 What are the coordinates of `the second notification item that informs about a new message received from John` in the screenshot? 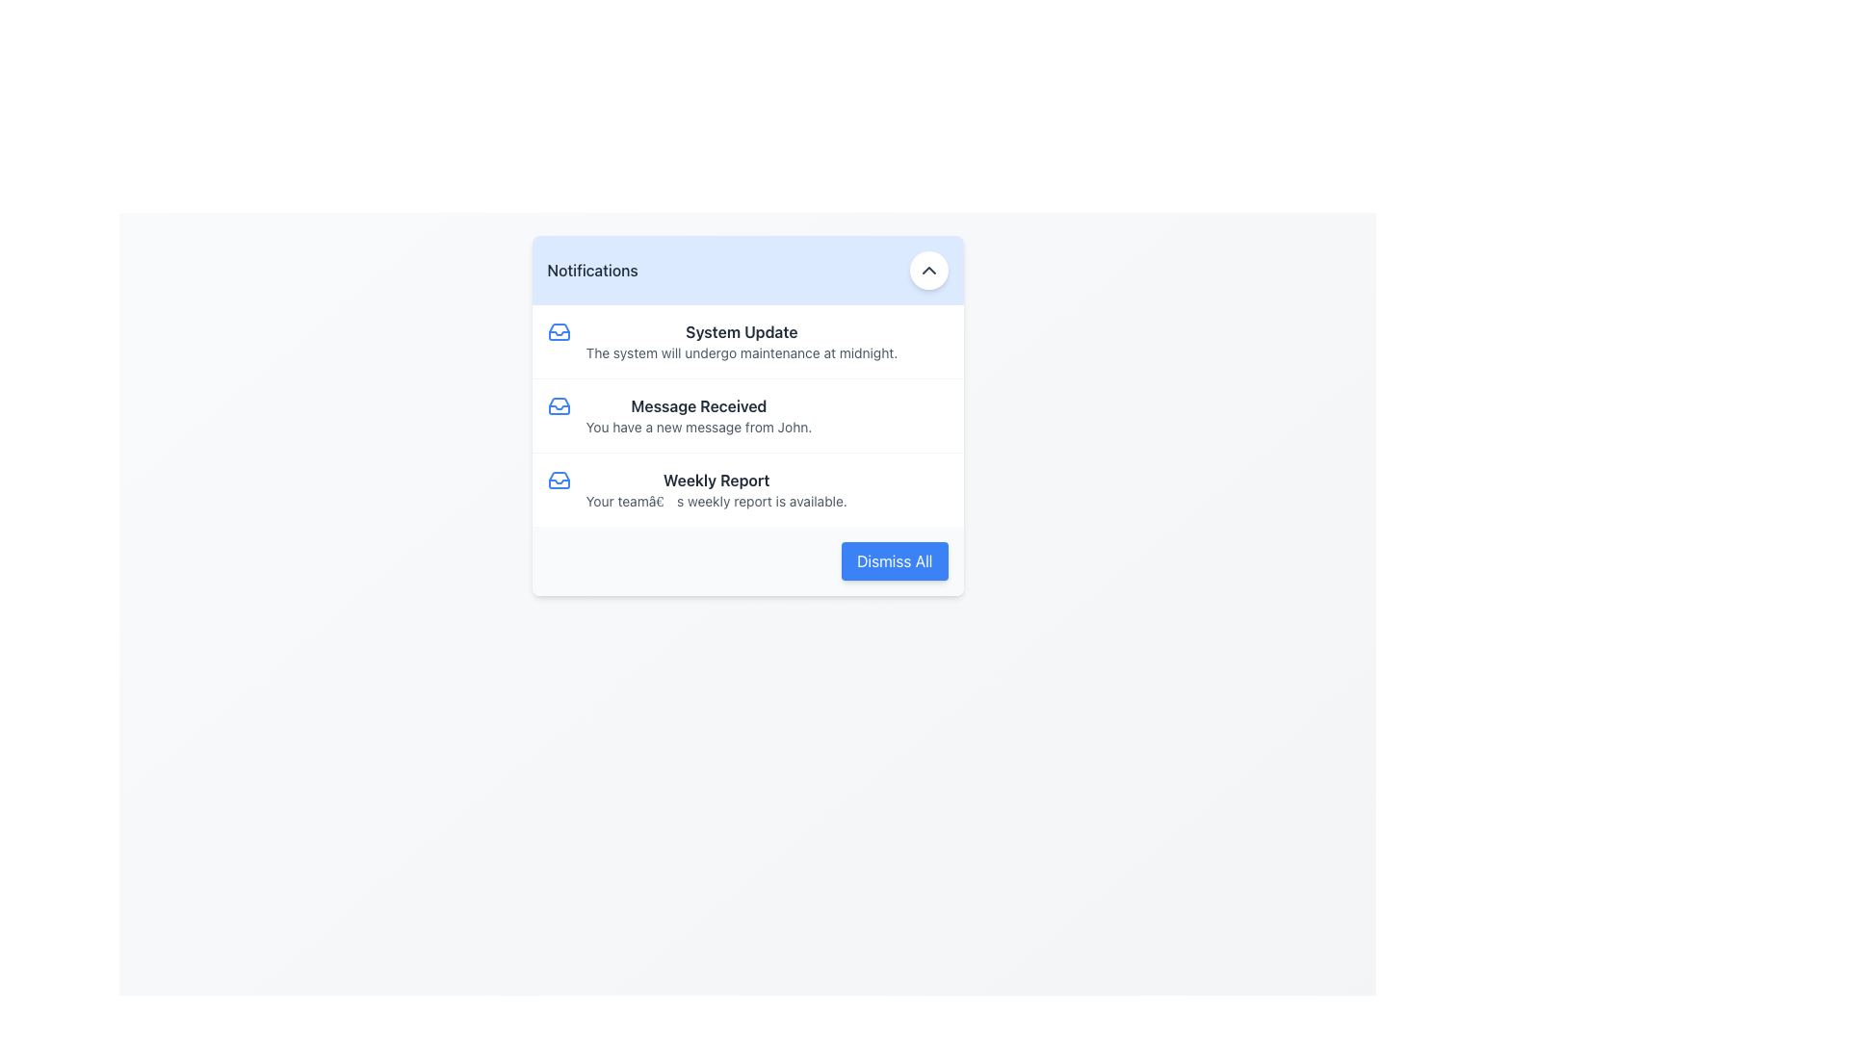 It's located at (746, 414).